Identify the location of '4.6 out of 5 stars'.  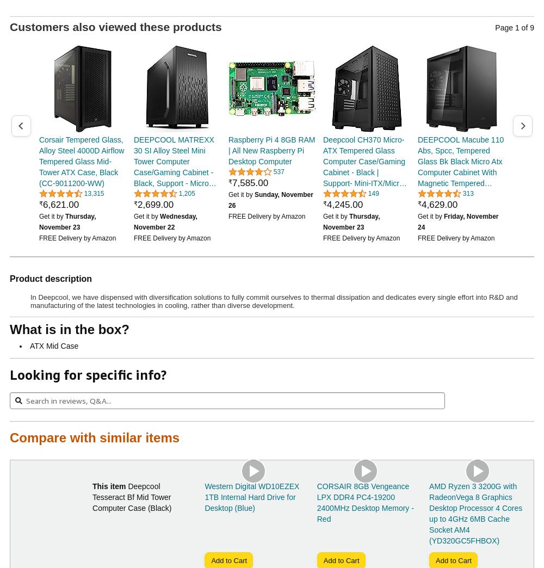
(342, 197).